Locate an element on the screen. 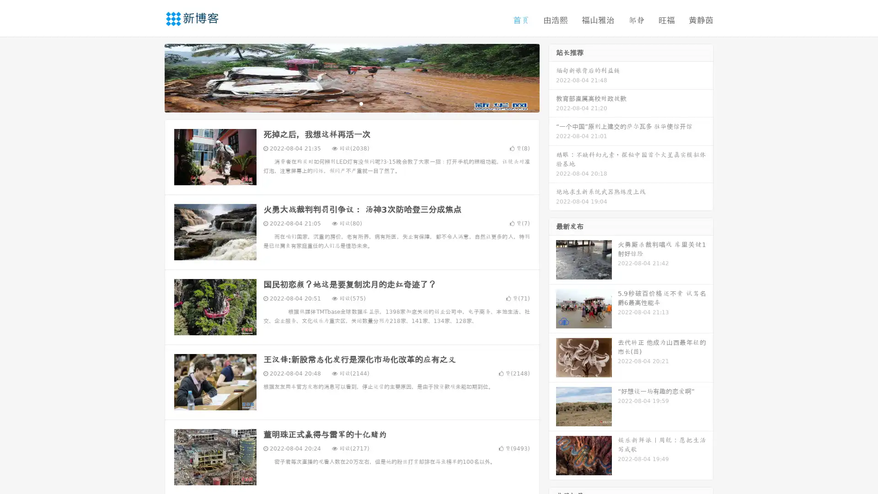 Image resolution: width=878 pixels, height=494 pixels. Previous slide is located at coordinates (151, 77).